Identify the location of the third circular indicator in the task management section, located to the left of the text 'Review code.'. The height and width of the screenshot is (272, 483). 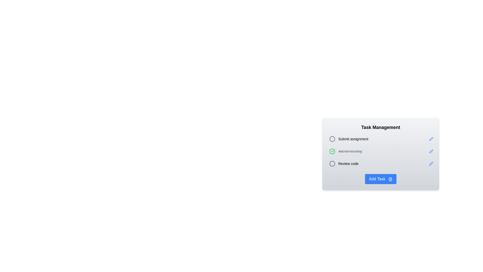
(332, 164).